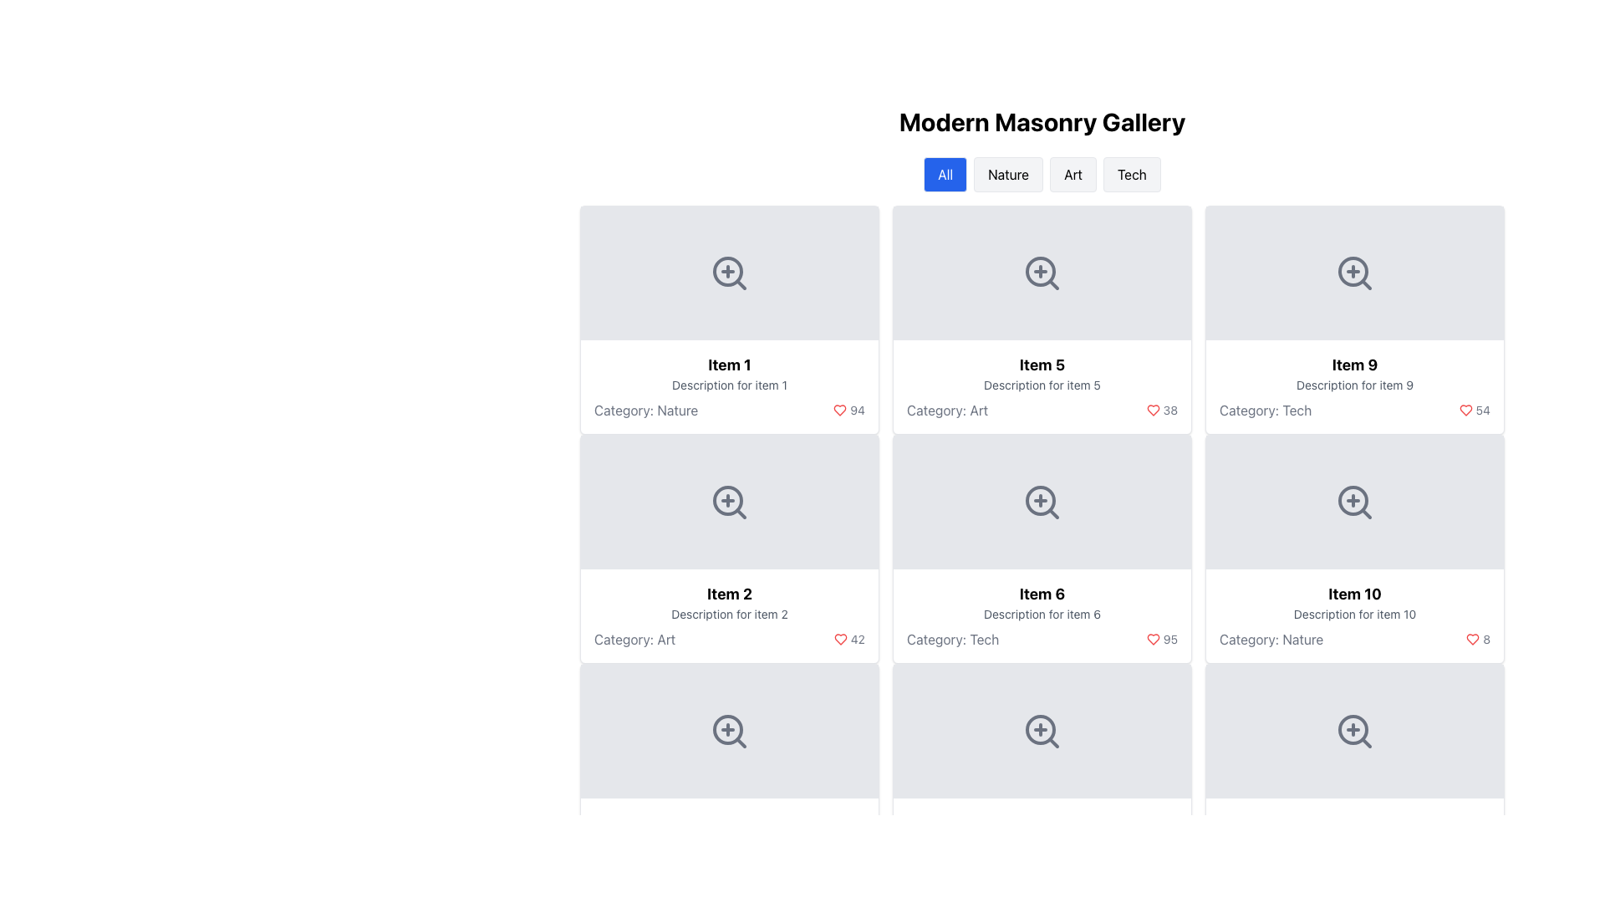 This screenshot has width=1605, height=903. Describe the element at coordinates (740, 742) in the screenshot. I see `the magnifying glass icon located in the bottom-left grid cell of 'Item 2'` at that location.